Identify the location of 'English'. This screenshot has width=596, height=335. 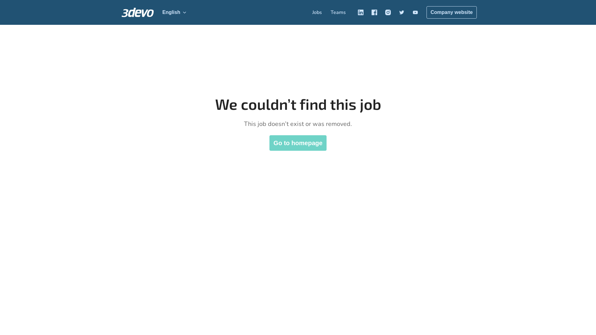
(174, 12).